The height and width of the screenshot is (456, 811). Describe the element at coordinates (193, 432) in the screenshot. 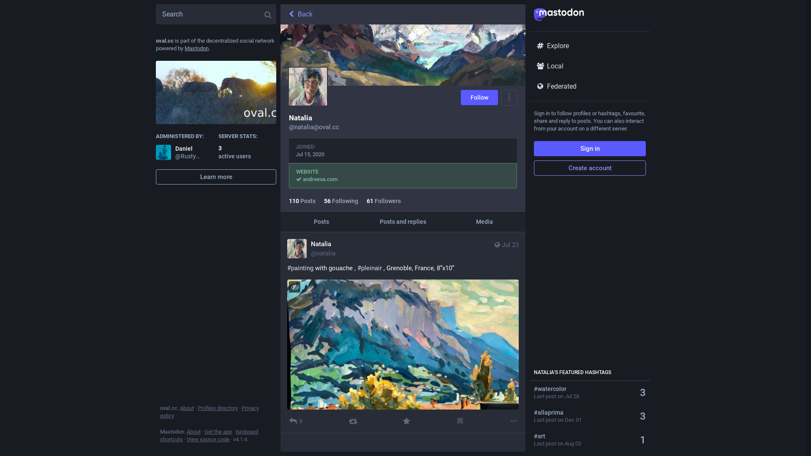

I see `'About'` at that location.